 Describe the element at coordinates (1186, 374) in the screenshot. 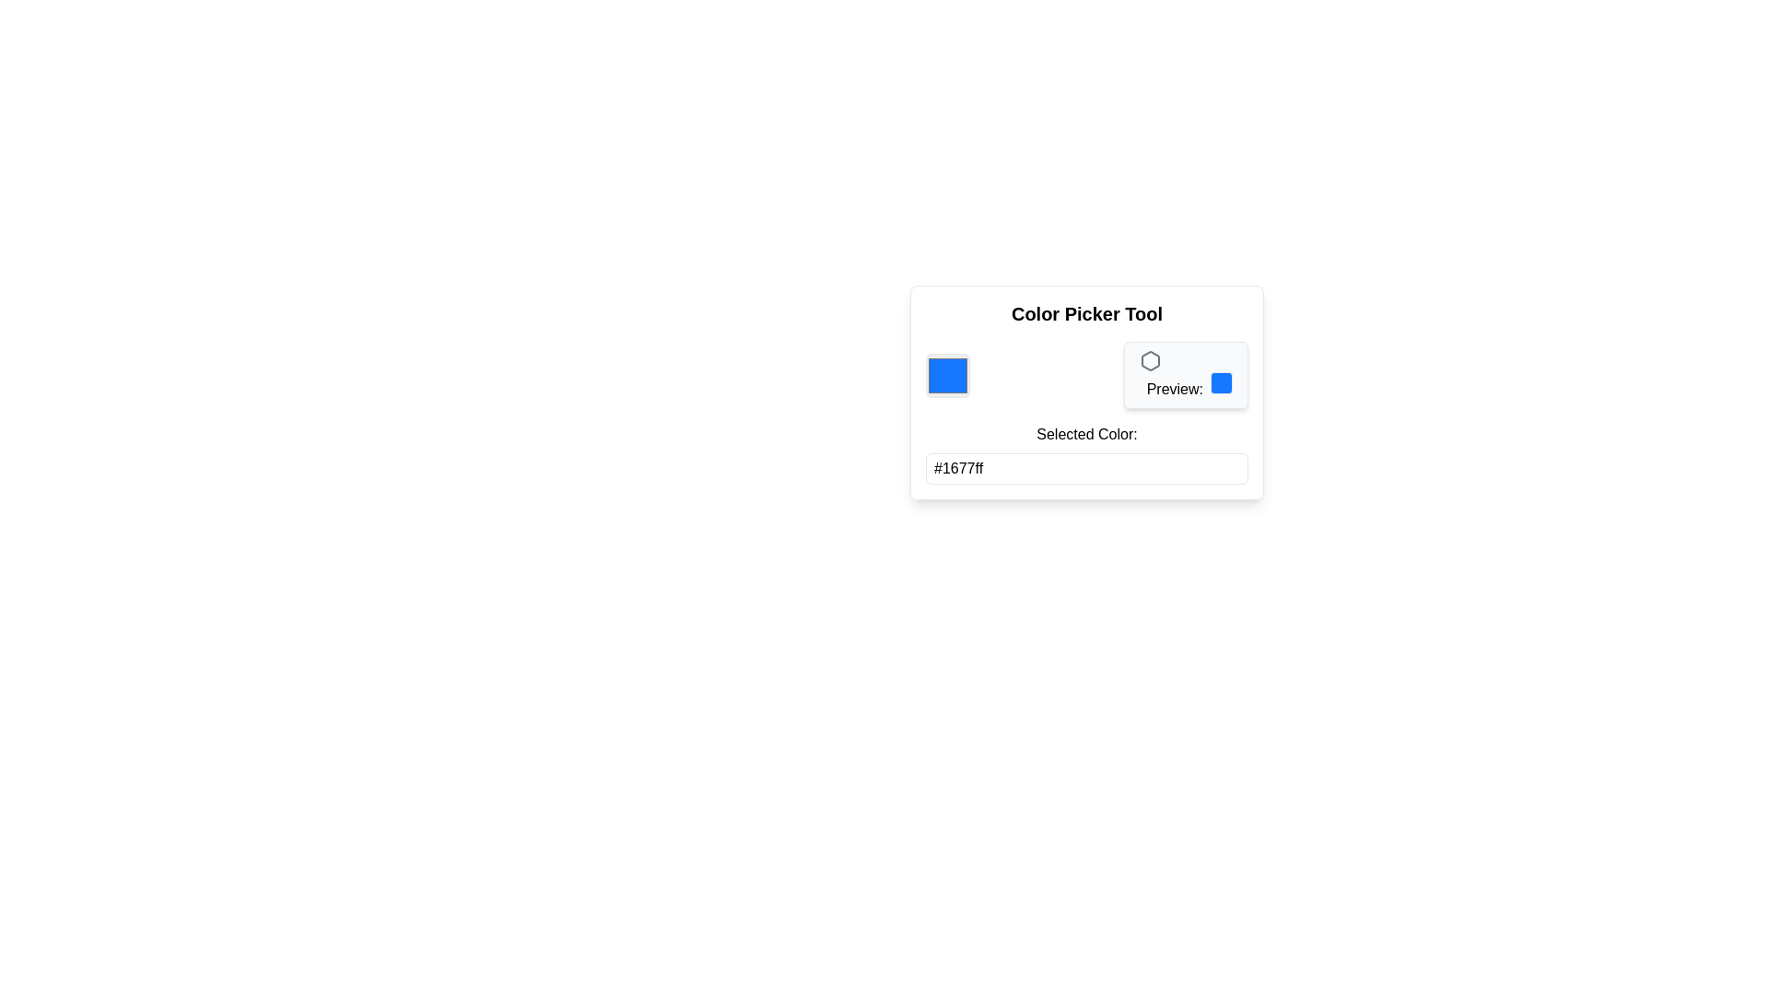

I see `the color preview displayed by the blue square adjacent to the text "Preview:" in the top-right section of the interface` at that location.